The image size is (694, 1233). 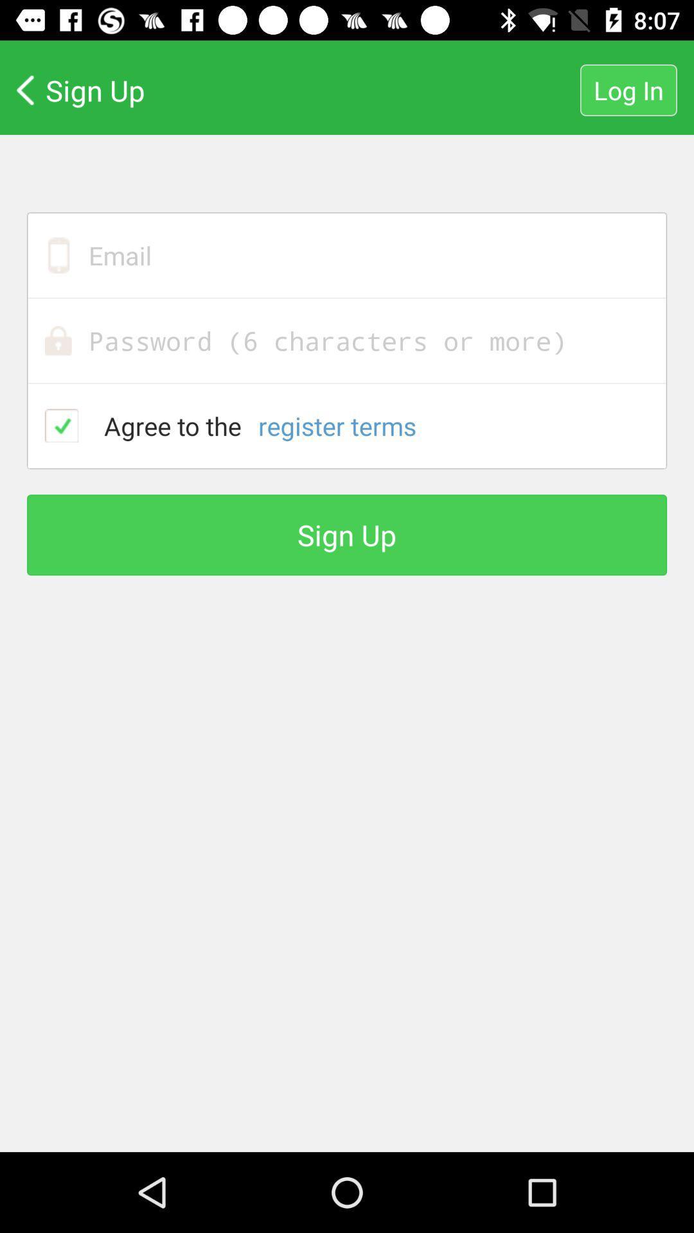 I want to click on password, so click(x=347, y=340).